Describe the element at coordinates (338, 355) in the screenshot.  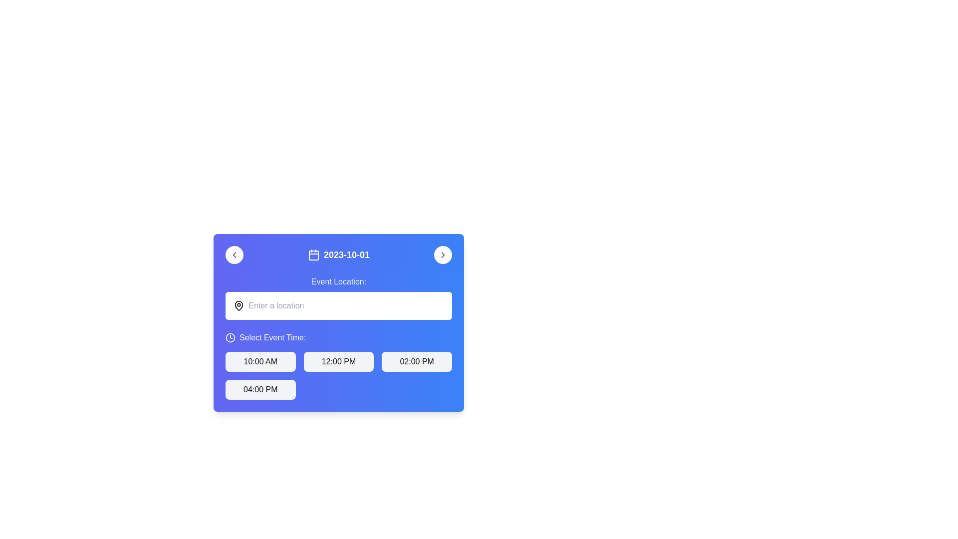
I see `the second button in the horizontal row of time options` at that location.